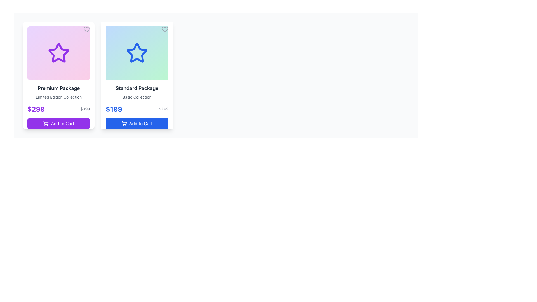 This screenshot has height=302, width=537. What do you see at coordinates (59, 88) in the screenshot?
I see `title of the text label displaying 'Premium Package' in large, bold, dark gray font, located prominently in the upper half of the card layout` at bounding box center [59, 88].